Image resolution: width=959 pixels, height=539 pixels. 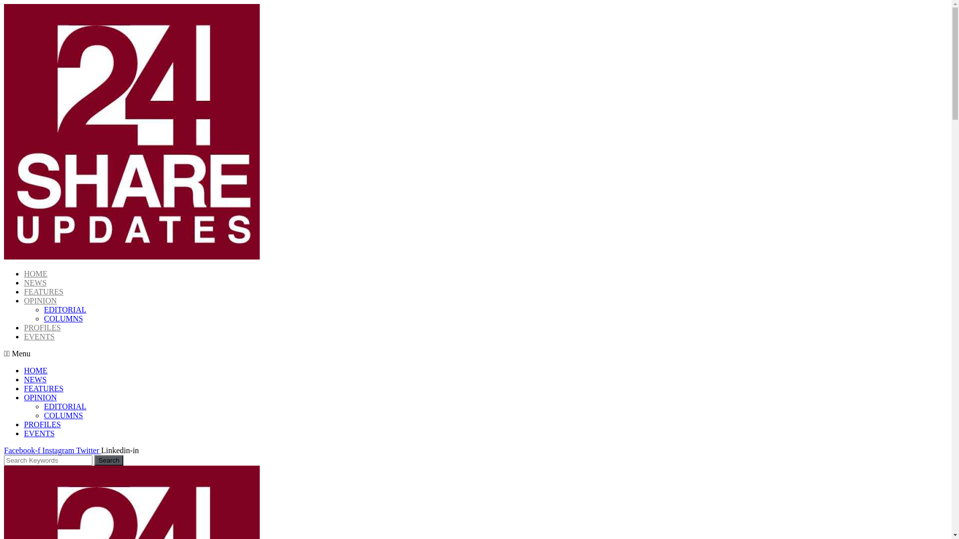 What do you see at coordinates (39, 336) in the screenshot?
I see `'EVENTS'` at bounding box center [39, 336].